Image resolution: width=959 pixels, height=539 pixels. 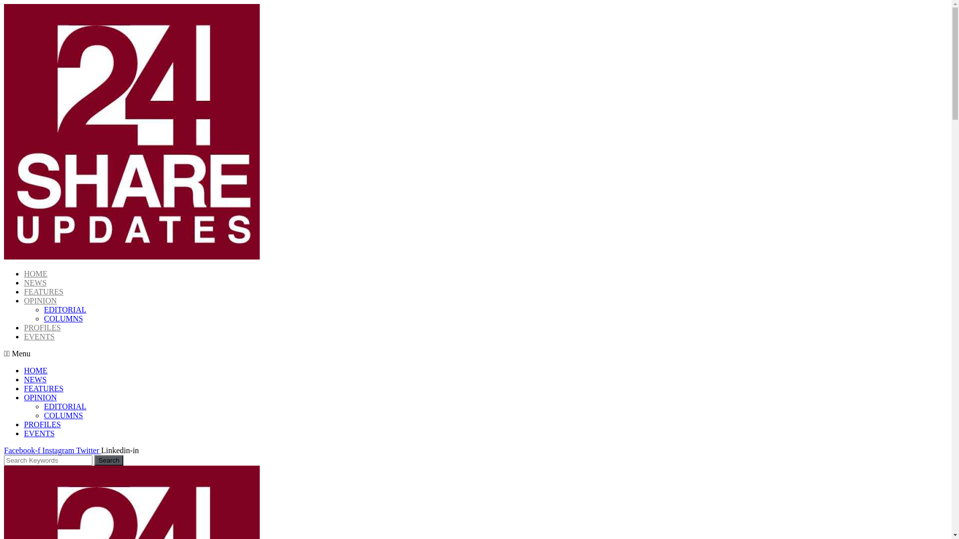 What do you see at coordinates (39, 336) in the screenshot?
I see `'EVENTS'` at bounding box center [39, 336].